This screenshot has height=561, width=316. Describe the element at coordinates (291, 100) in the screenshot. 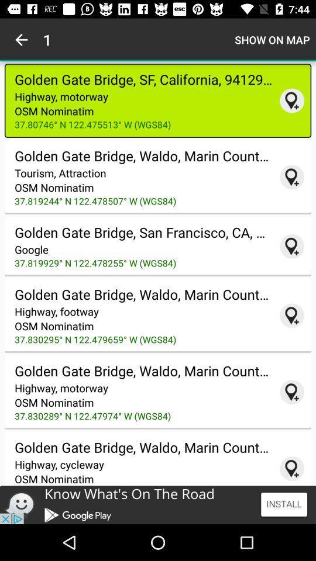

I see `golden gate bridge to map` at that location.